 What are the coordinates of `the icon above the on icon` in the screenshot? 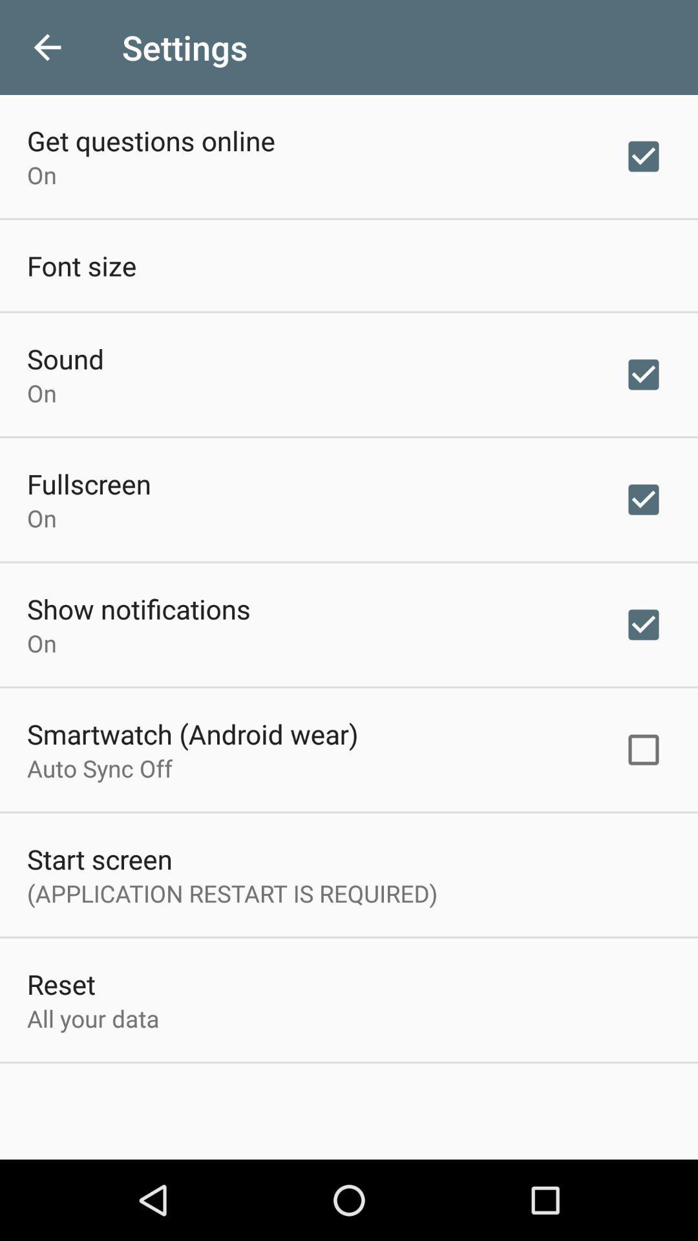 It's located at (65, 359).